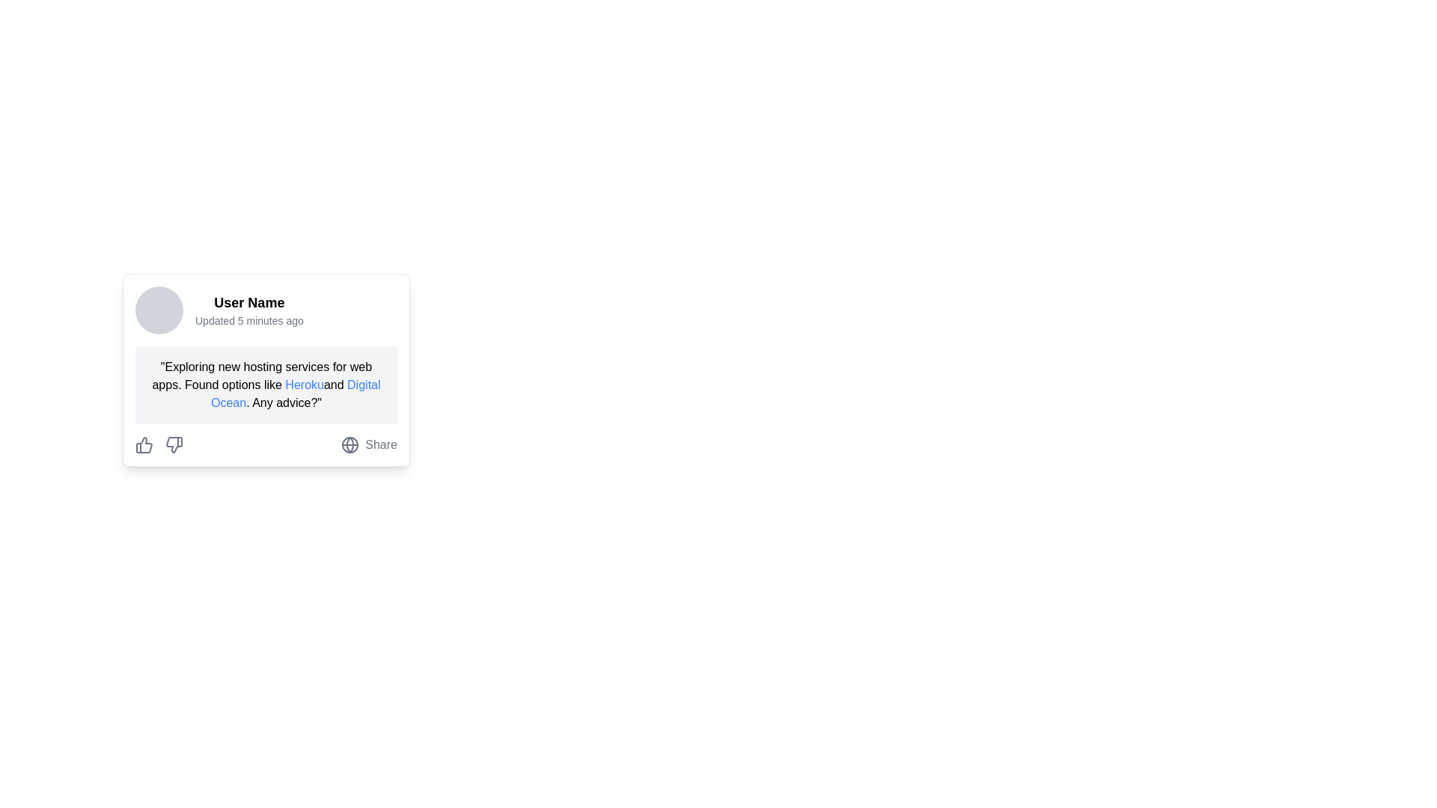 This screenshot has width=1437, height=808. Describe the element at coordinates (350, 444) in the screenshot. I see `the globe icon, which is styled in thin black lines and located to the left of the 'Share' label at the lower-right corner of the card` at that location.